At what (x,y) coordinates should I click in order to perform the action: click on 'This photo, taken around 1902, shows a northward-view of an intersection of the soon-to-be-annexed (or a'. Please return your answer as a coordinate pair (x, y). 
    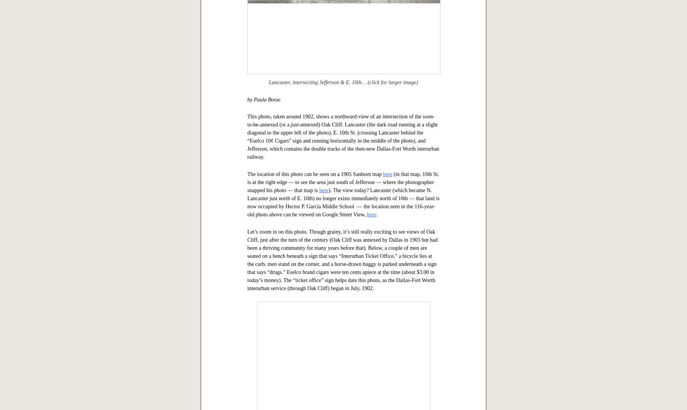
    Looking at the image, I should click on (340, 362).